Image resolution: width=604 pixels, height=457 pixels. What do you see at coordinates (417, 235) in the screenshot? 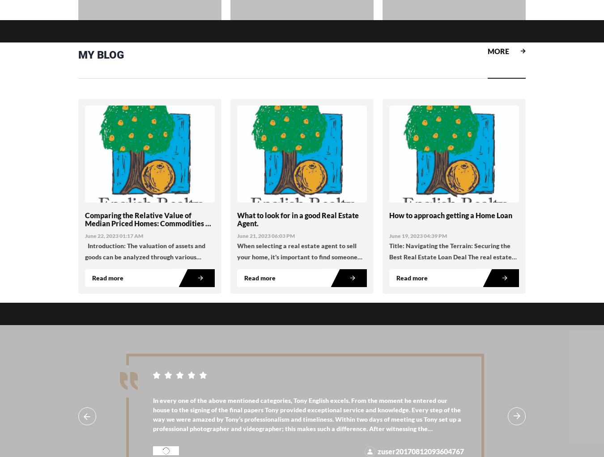
I see `'June 19, 2023 04:39 PM'` at bounding box center [417, 235].